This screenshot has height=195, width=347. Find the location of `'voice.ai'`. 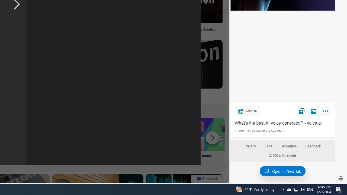

'voice.ai' is located at coordinates (247, 110).